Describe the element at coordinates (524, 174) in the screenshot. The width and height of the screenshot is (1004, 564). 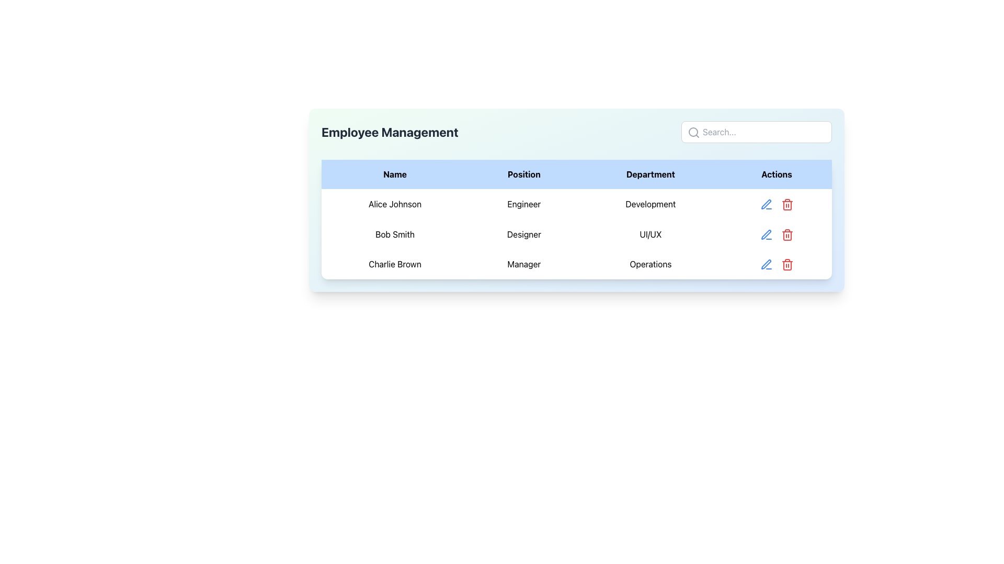
I see `the 'Position' text label, which is the second column header in a table layout with a light blue background, located between the 'Name' and 'Department' cells` at that location.